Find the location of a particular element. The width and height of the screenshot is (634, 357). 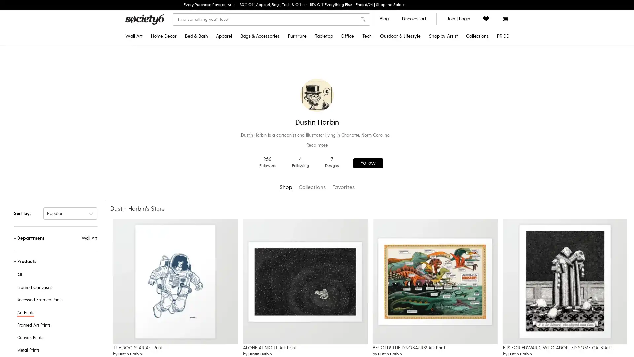

Duvet Covers is located at coordinates (210, 63).